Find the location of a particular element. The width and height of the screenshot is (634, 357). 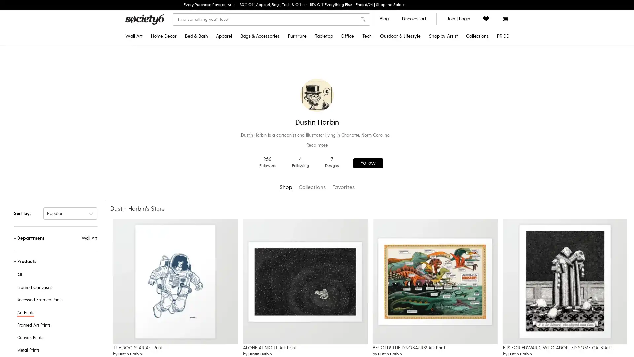

Duvet Covers is located at coordinates (210, 63).